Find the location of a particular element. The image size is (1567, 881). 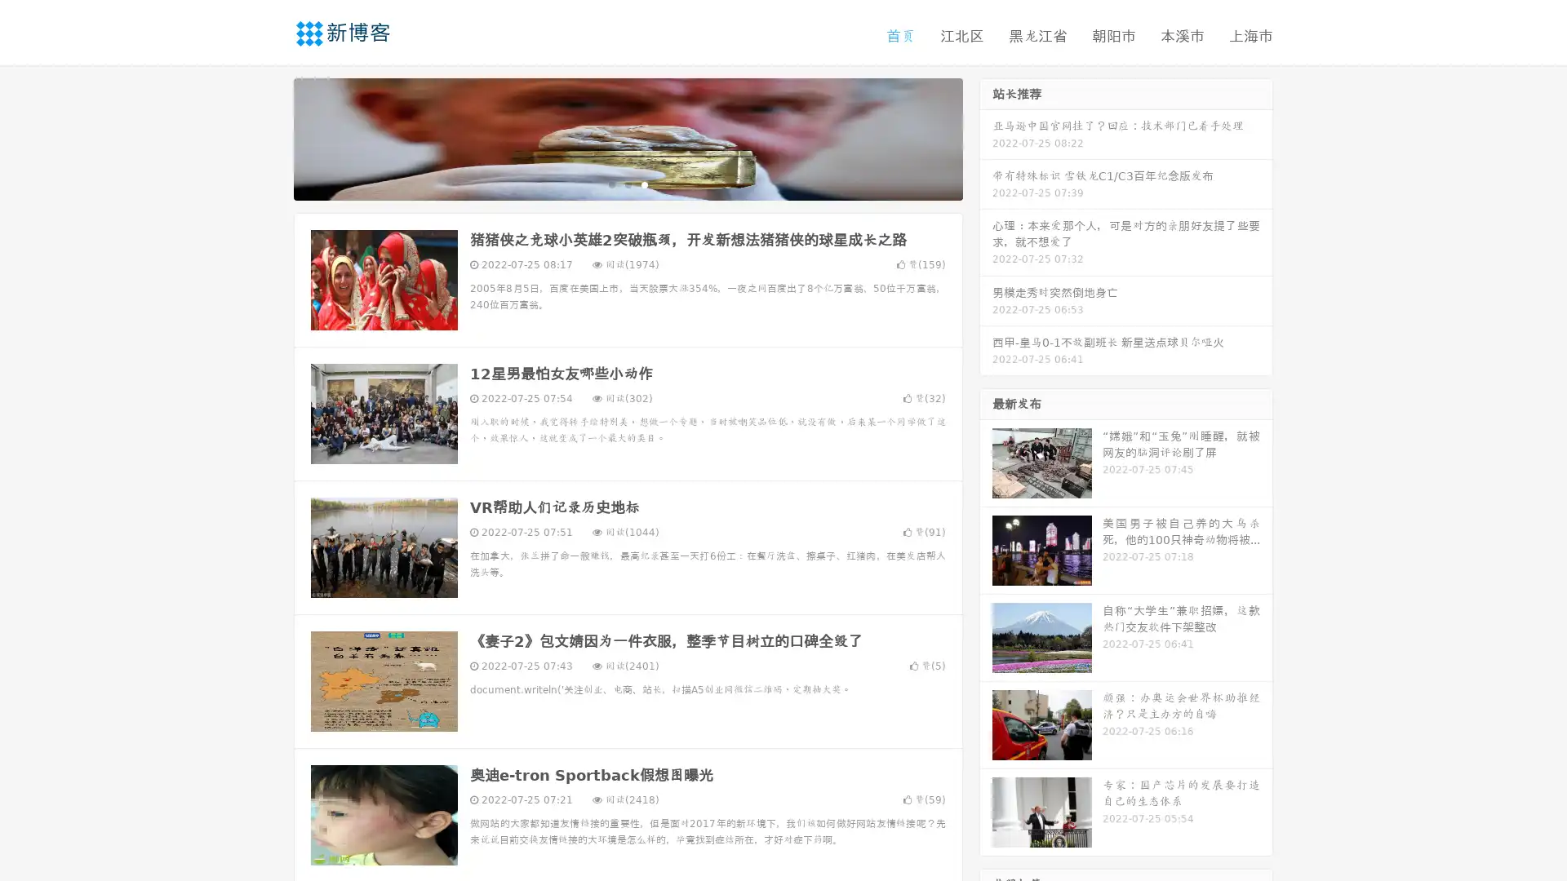

Previous slide is located at coordinates (269, 137).